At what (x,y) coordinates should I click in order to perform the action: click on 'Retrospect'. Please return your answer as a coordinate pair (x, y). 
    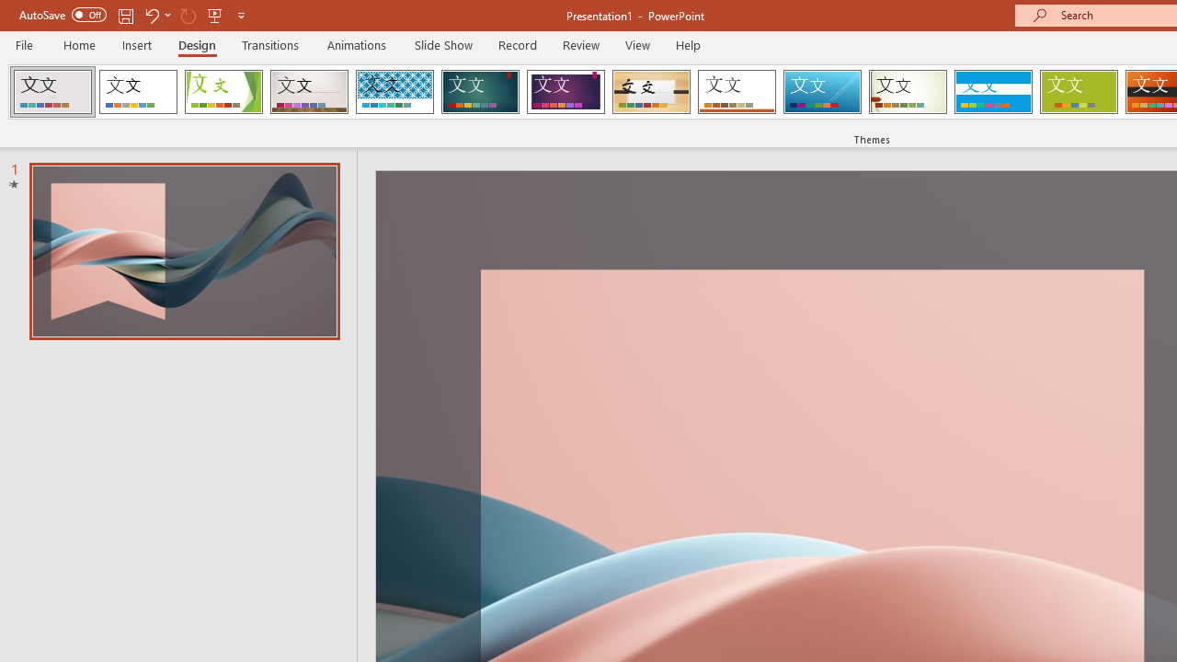
    Looking at the image, I should click on (737, 92).